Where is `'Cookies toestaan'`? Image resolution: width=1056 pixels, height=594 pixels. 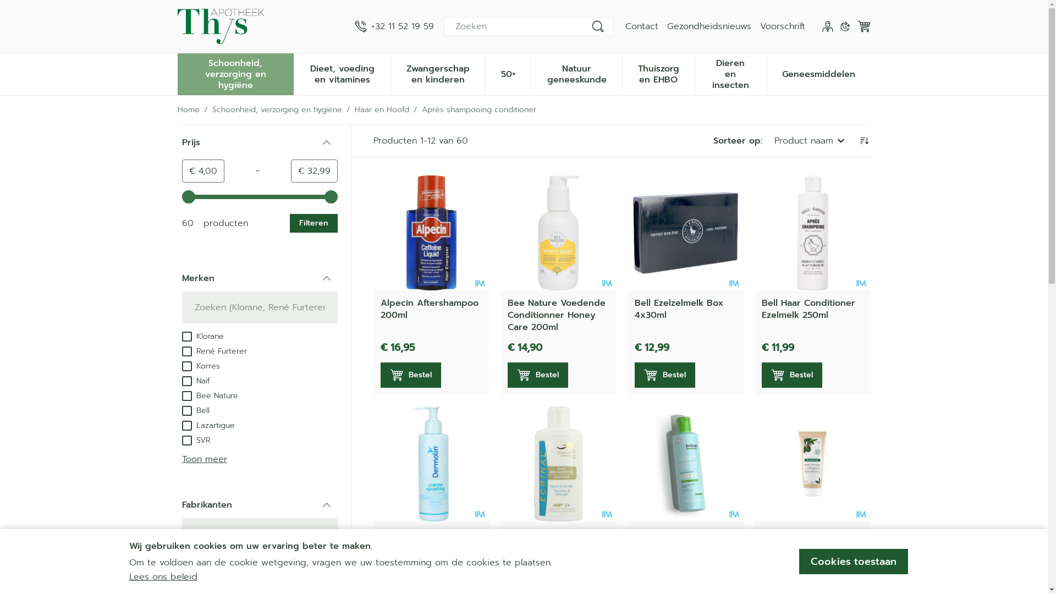 'Cookies toestaan' is located at coordinates (852, 562).